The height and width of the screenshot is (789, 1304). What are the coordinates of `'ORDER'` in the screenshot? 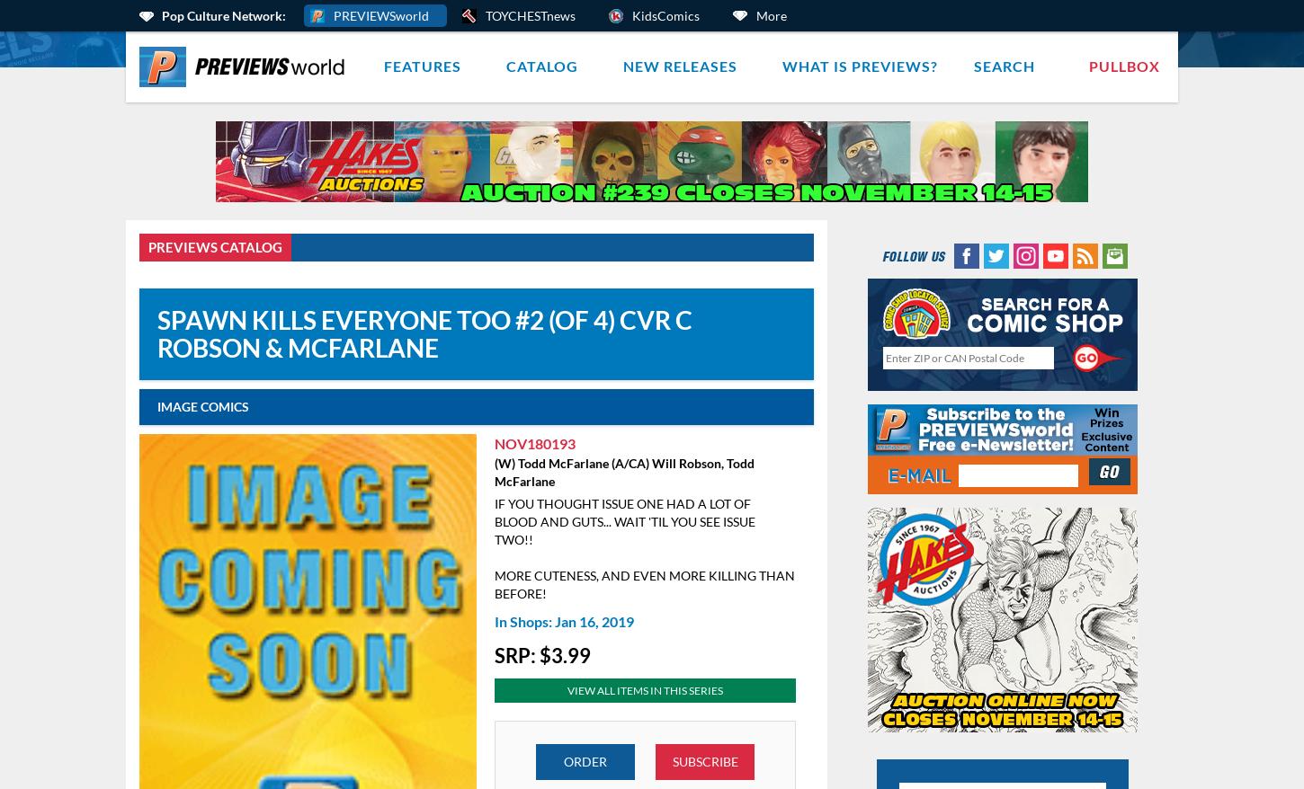 It's located at (585, 761).